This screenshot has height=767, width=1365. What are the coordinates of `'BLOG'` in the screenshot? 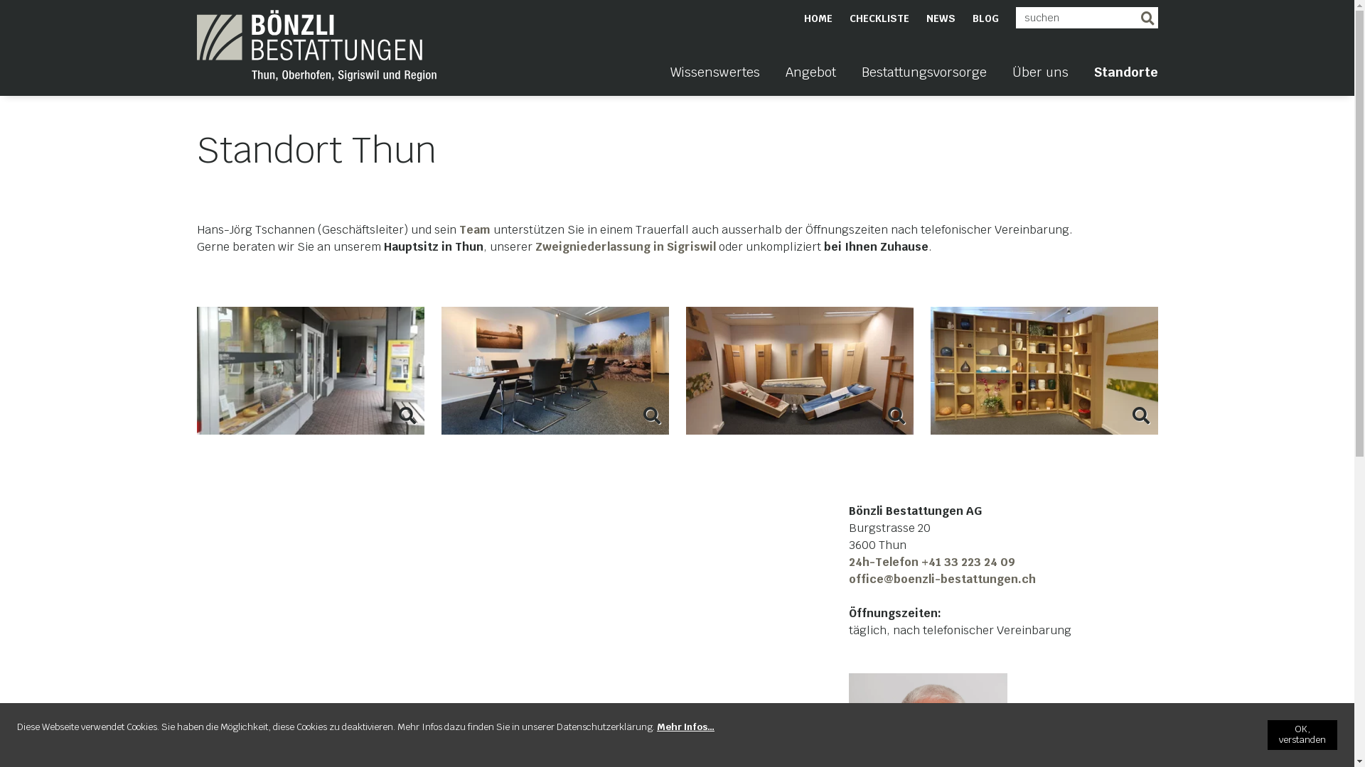 It's located at (985, 18).